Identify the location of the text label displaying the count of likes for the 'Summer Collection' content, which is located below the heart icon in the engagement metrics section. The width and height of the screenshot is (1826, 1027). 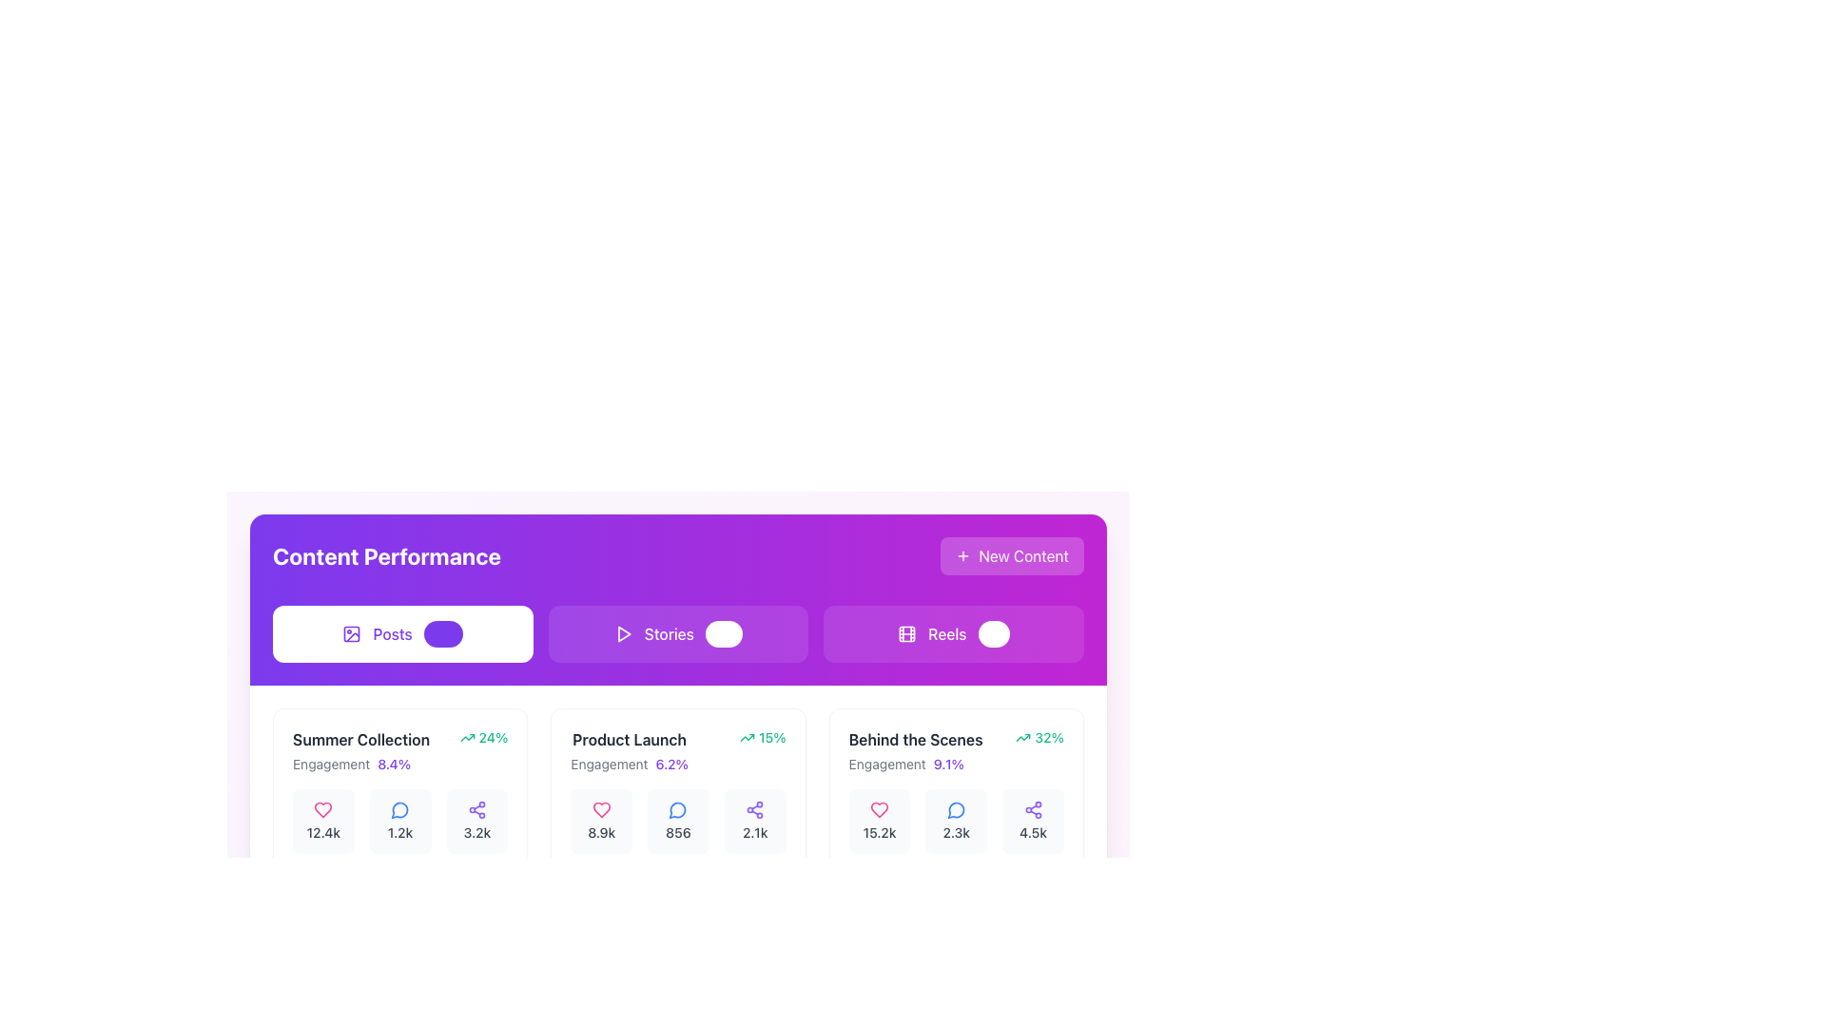
(323, 831).